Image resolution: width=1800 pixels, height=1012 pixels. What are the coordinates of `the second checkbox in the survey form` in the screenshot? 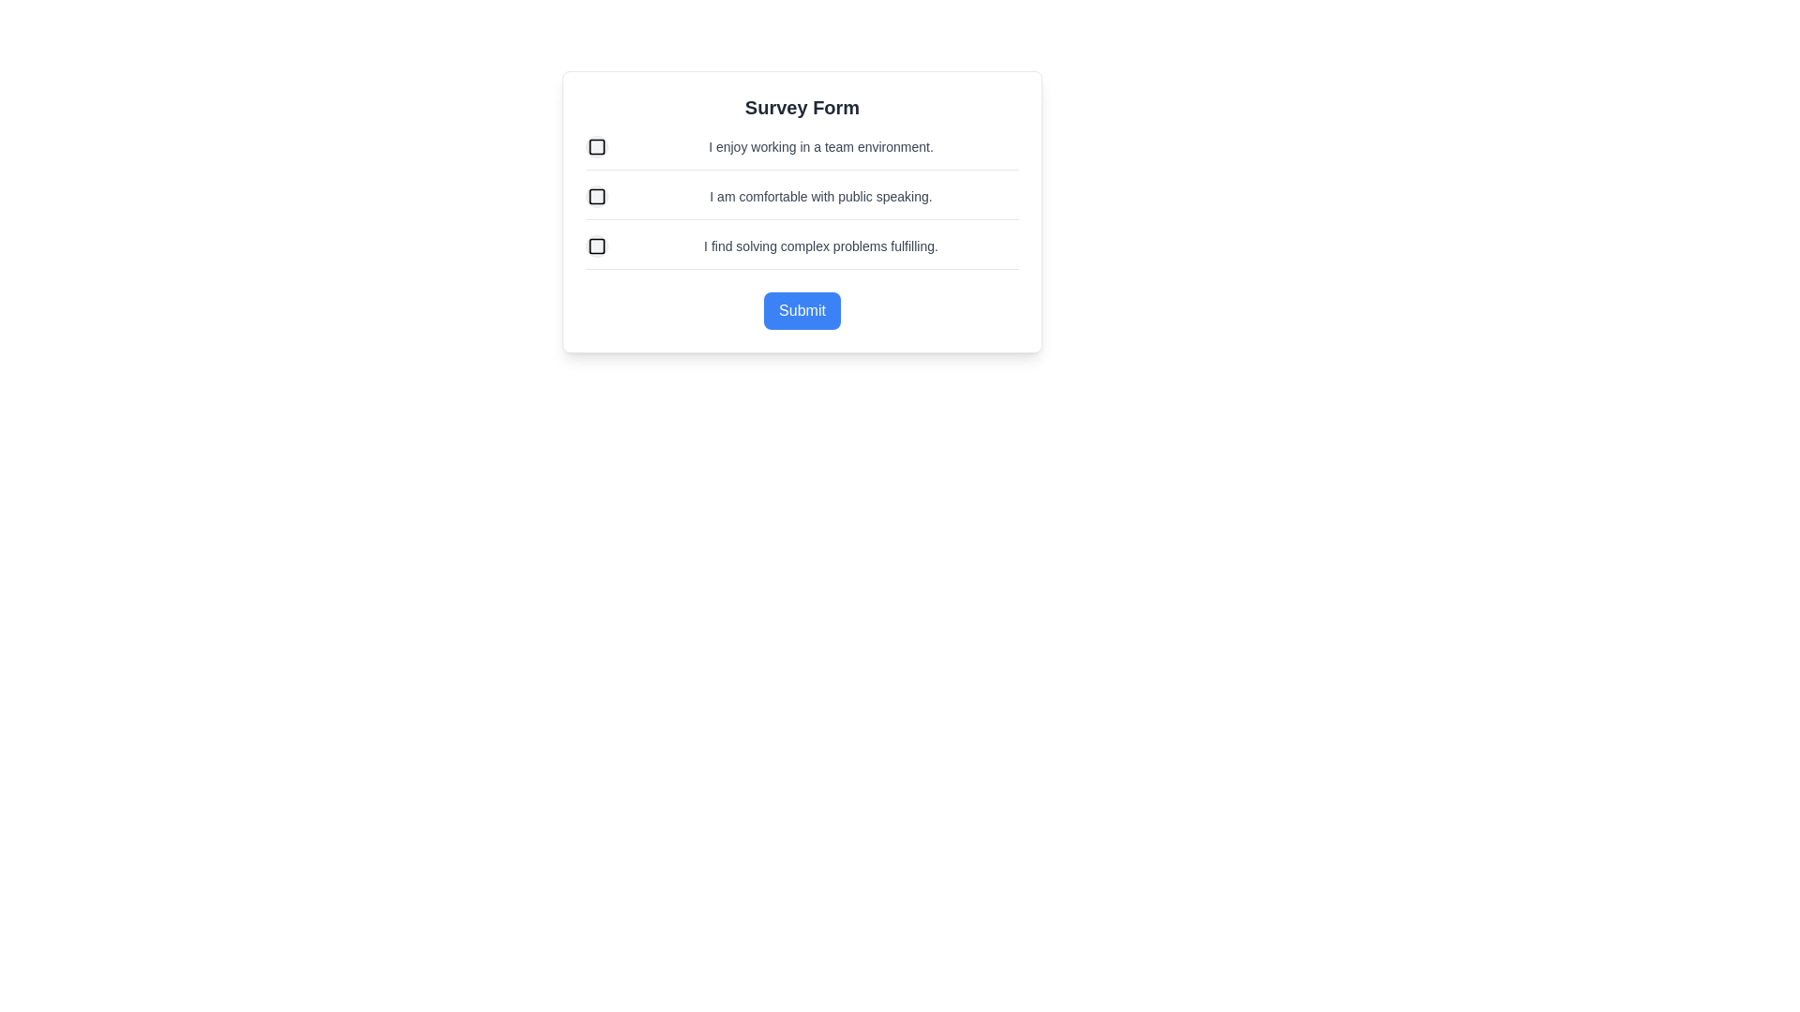 It's located at (596, 196).